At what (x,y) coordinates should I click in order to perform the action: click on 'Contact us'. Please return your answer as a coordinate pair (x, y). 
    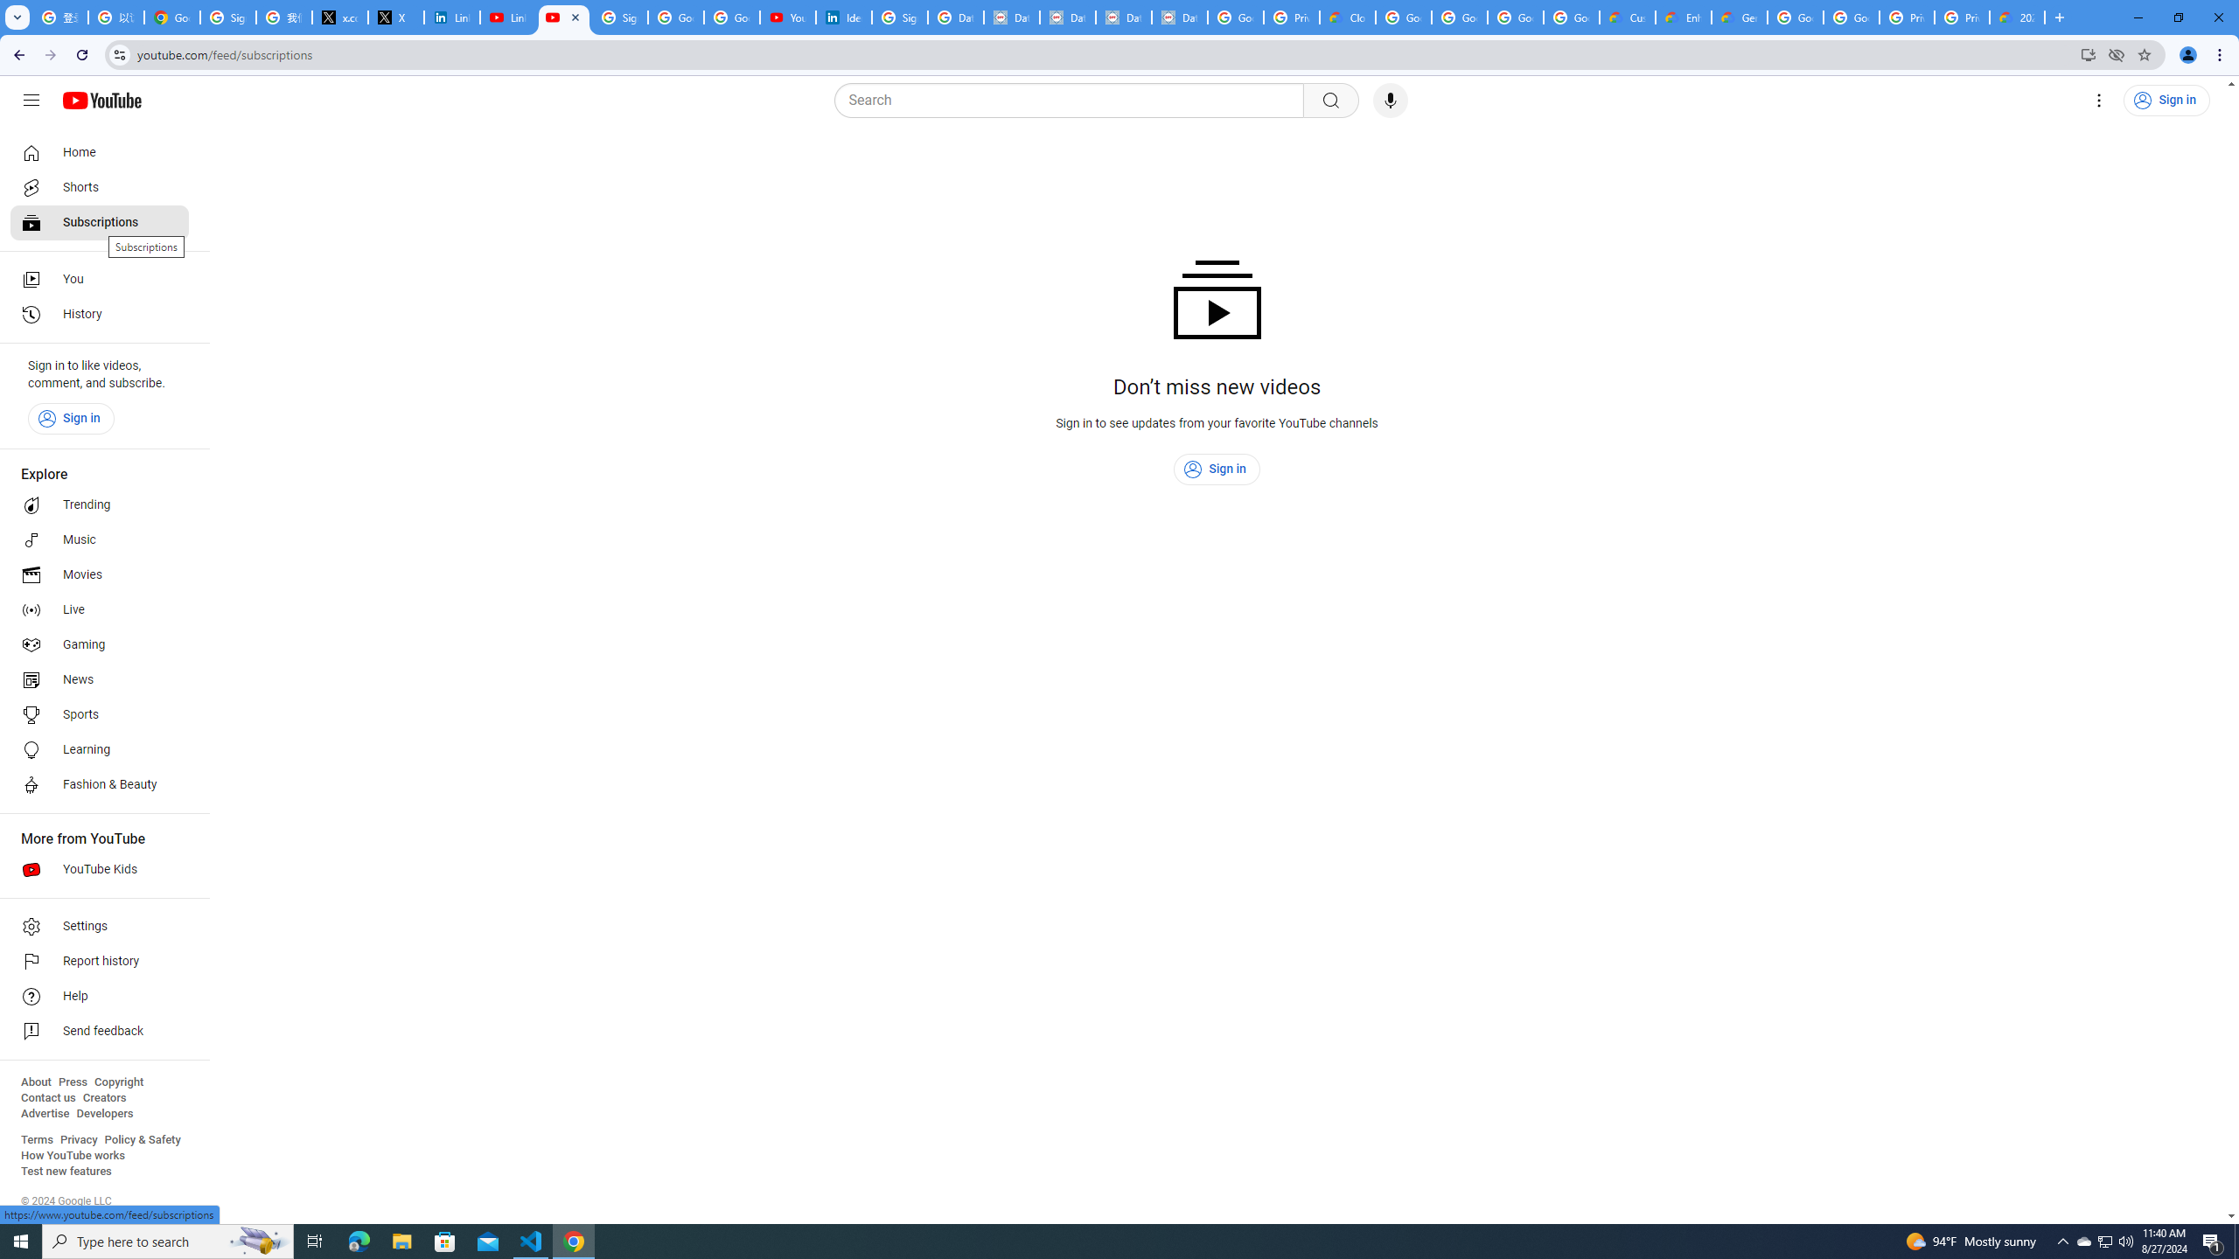
    Looking at the image, I should click on (47, 1097).